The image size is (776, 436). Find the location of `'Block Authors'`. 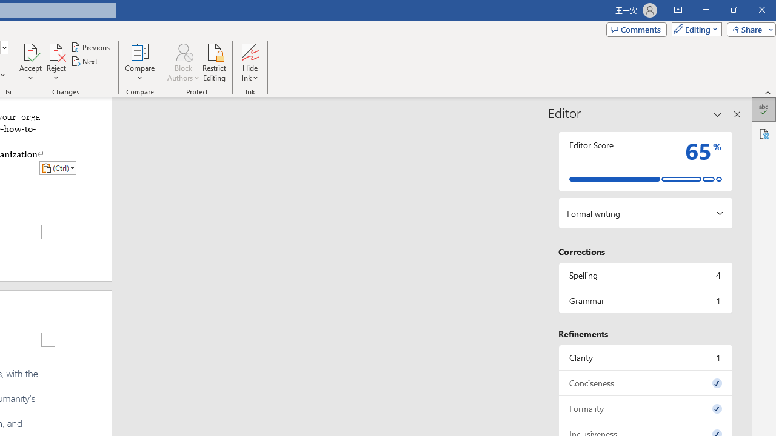

'Block Authors' is located at coordinates (182, 51).